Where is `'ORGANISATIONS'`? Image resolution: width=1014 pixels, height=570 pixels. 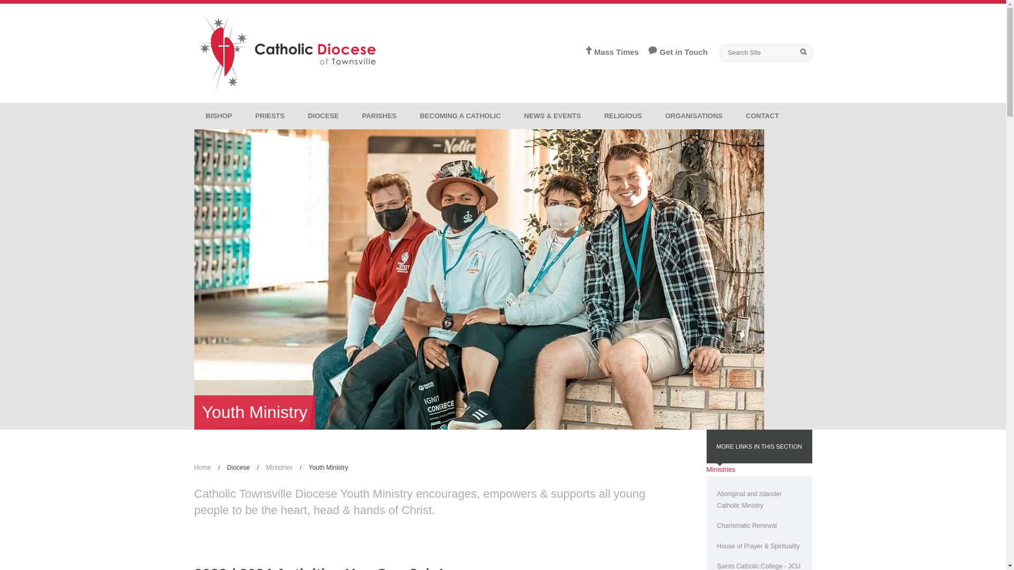 'ORGANISATIONS' is located at coordinates (693, 116).